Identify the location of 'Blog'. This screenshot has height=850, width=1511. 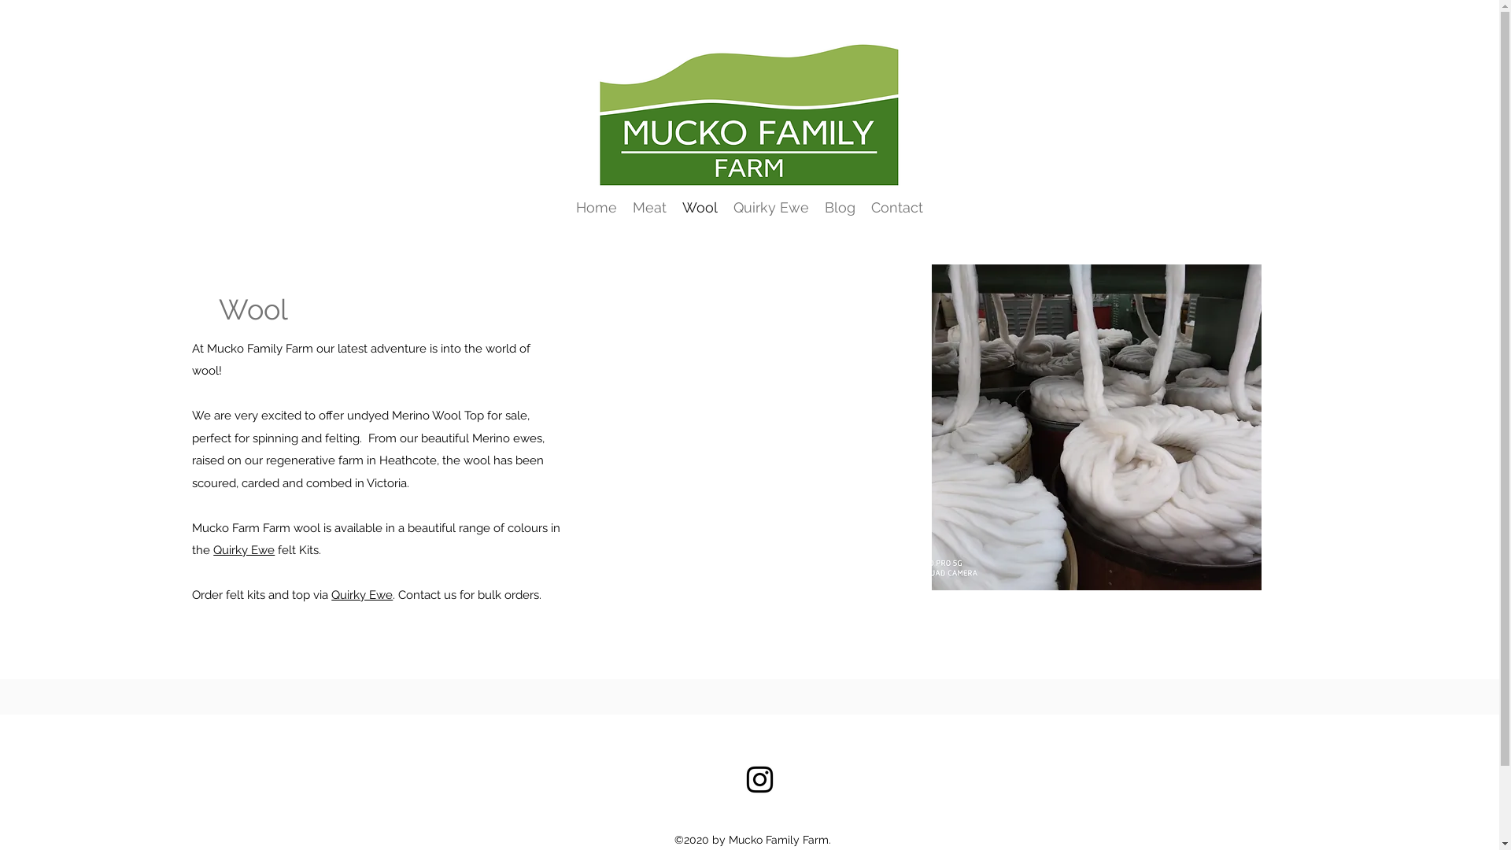
(839, 206).